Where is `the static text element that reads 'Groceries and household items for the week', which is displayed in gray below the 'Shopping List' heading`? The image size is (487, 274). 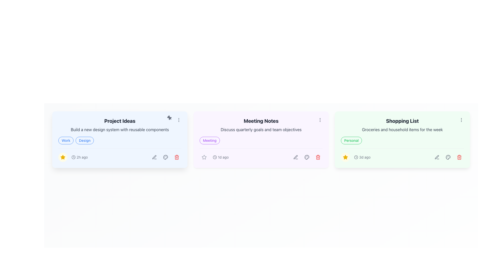
the static text element that reads 'Groceries and household items for the week', which is displayed in gray below the 'Shopping List' heading is located at coordinates (402, 129).